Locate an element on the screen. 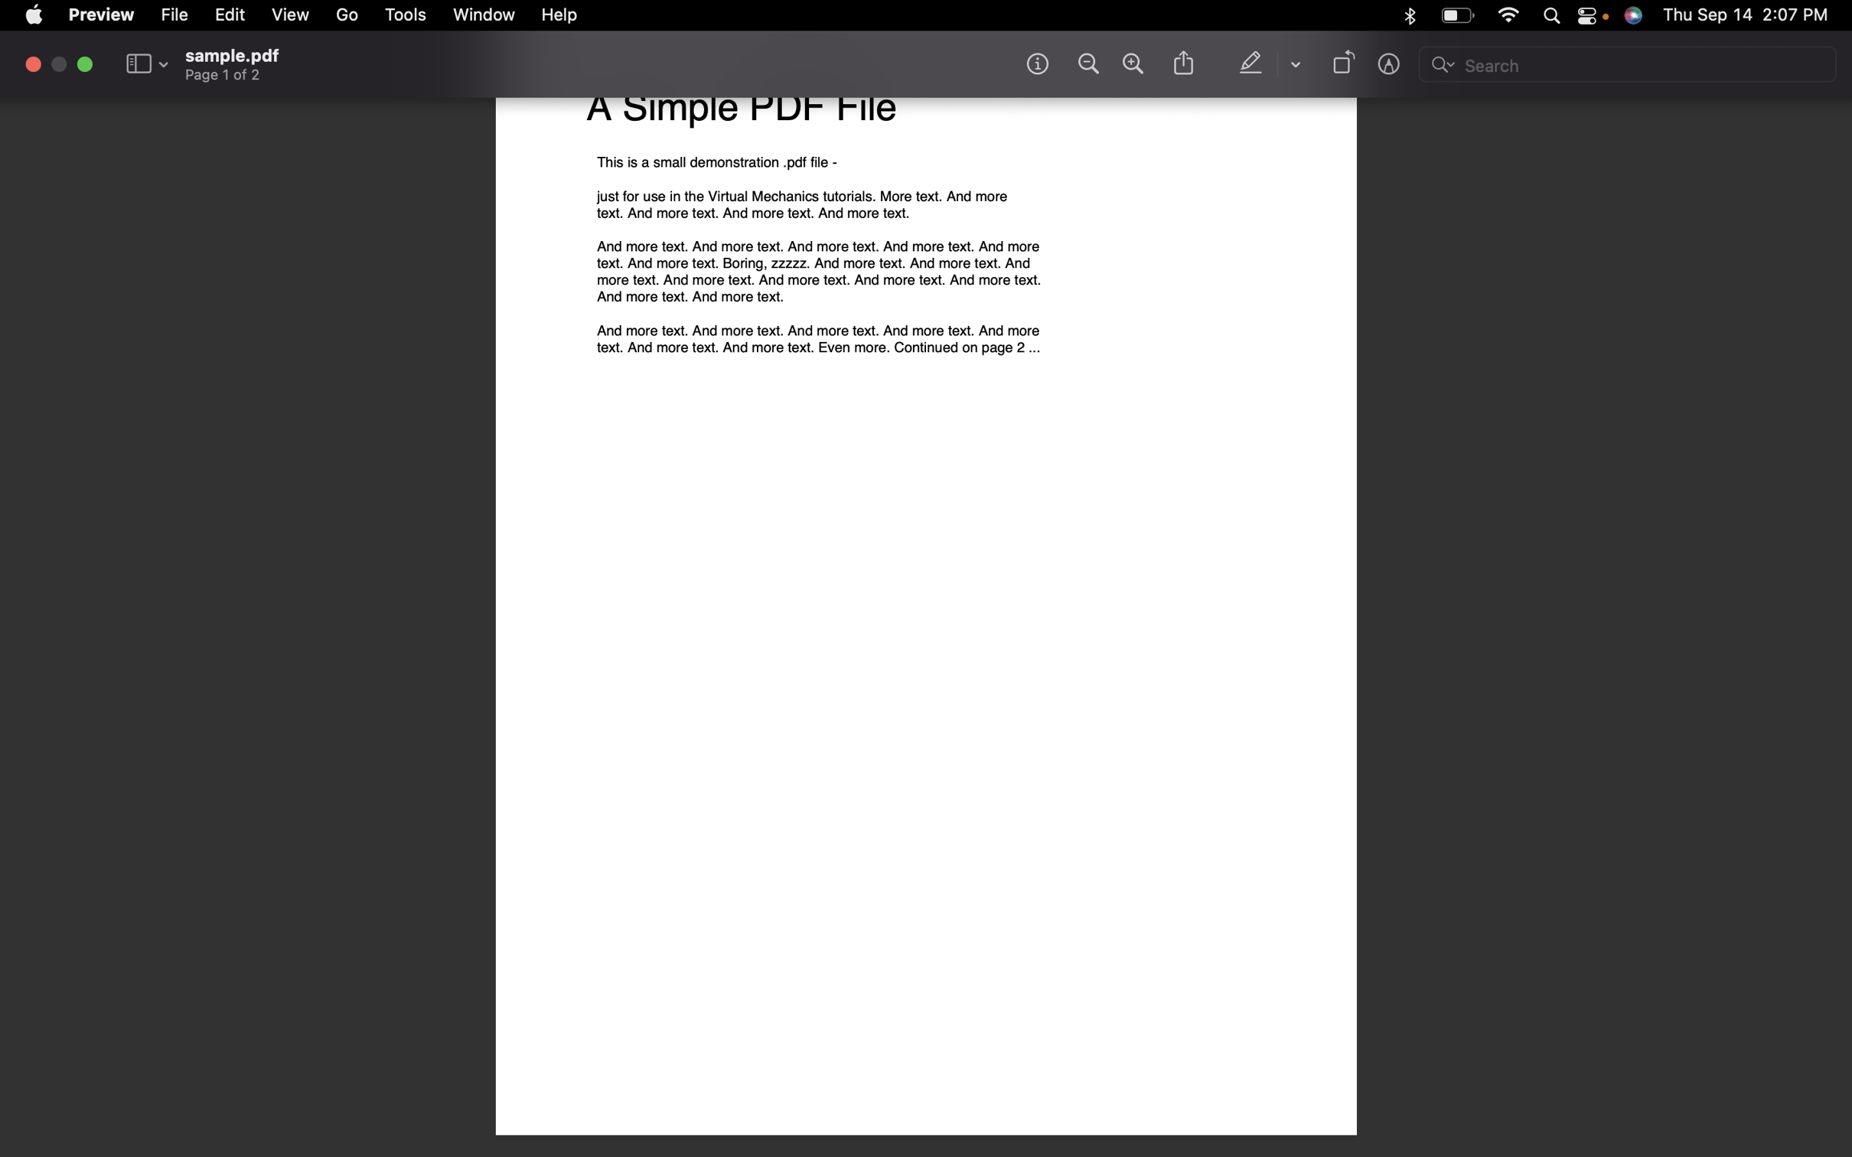 Image resolution: width=1852 pixels, height=1157 pixels. Finish and exit the file is located at coordinates (33, 64).